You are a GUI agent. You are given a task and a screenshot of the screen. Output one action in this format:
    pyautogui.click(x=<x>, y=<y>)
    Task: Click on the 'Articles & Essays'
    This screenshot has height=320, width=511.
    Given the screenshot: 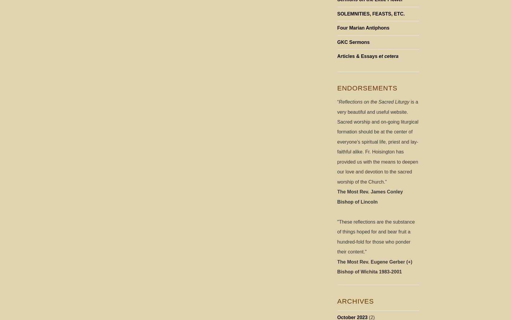 What is the action you would take?
    pyautogui.click(x=357, y=56)
    